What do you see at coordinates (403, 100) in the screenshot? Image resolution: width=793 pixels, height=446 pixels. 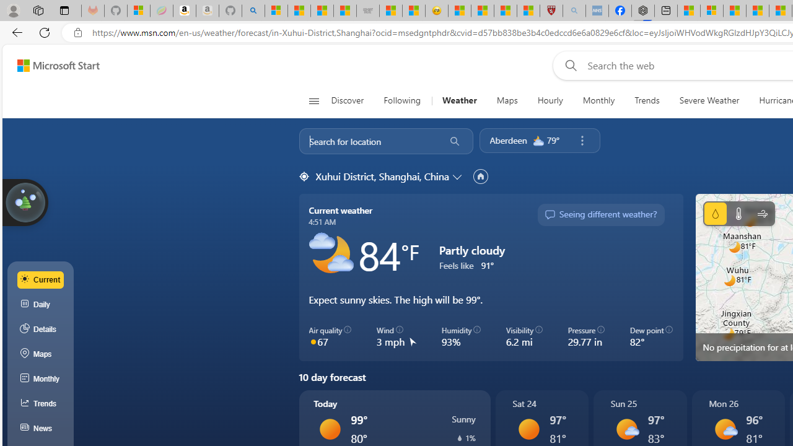 I see `'Following'` at bounding box center [403, 100].